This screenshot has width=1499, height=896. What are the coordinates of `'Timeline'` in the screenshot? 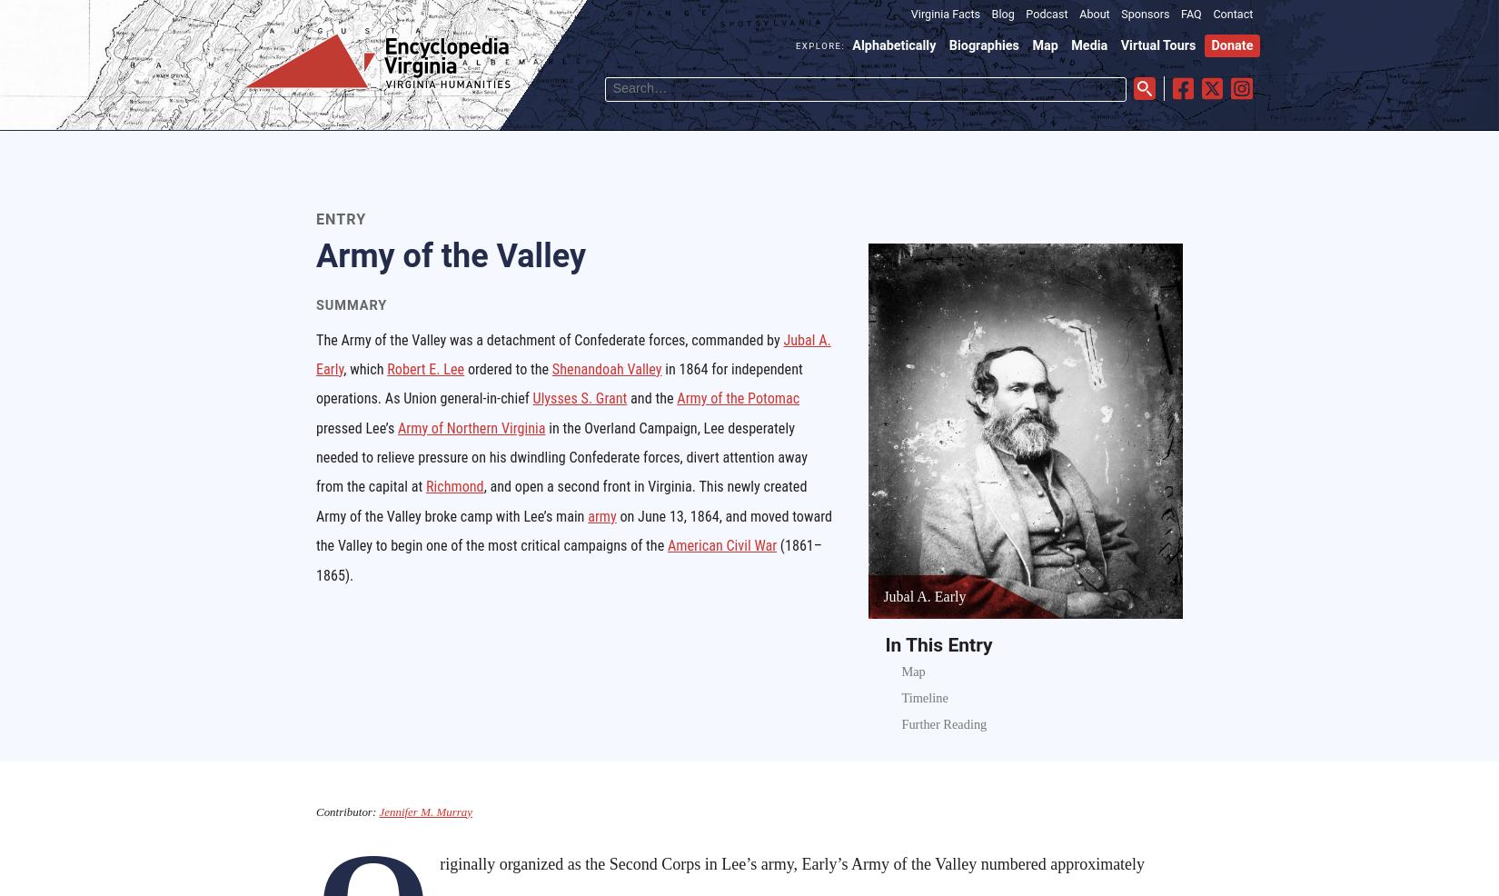 It's located at (924, 697).